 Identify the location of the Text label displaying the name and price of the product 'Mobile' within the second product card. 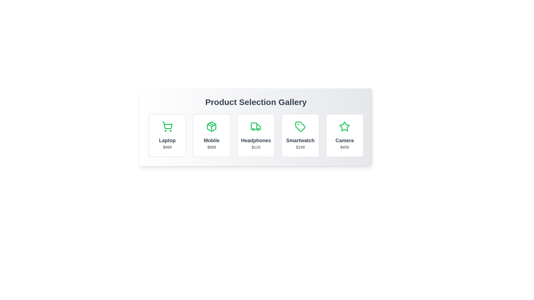
(211, 143).